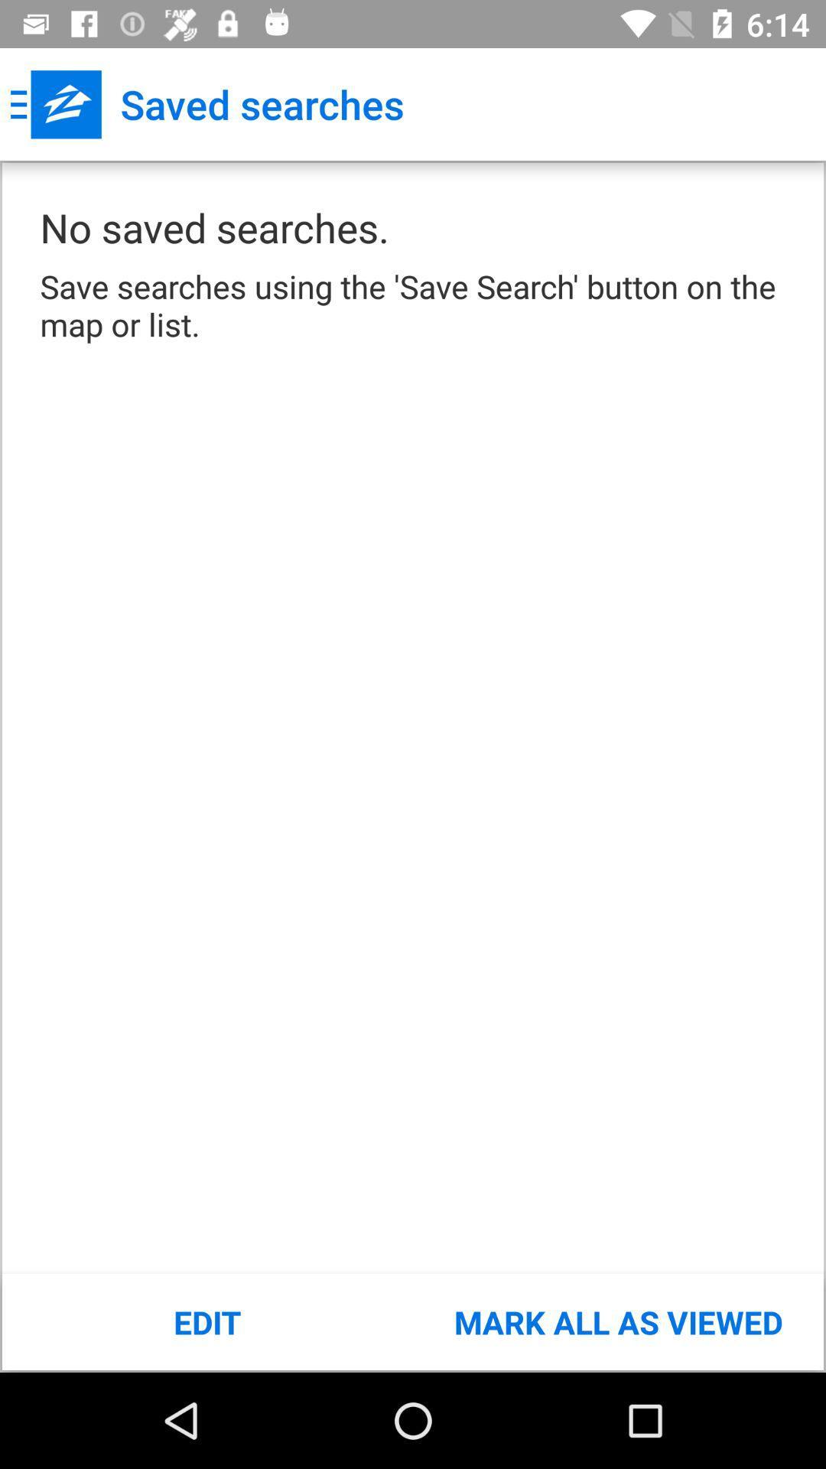 This screenshot has width=826, height=1469. Describe the element at coordinates (617, 1321) in the screenshot. I see `icon below save searches using item` at that location.